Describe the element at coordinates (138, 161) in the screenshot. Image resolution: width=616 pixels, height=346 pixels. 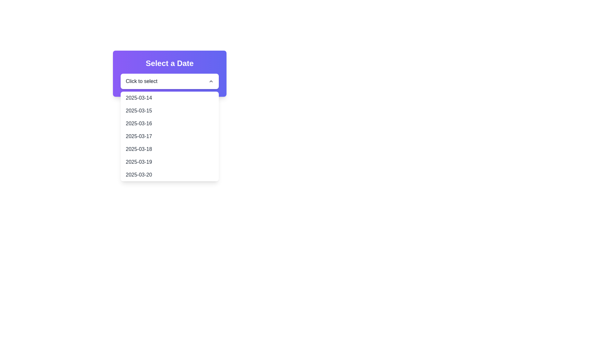
I see `the selectable list item for the date '2025-03-19' located under the dropdown menu 'Select a Date'` at that location.